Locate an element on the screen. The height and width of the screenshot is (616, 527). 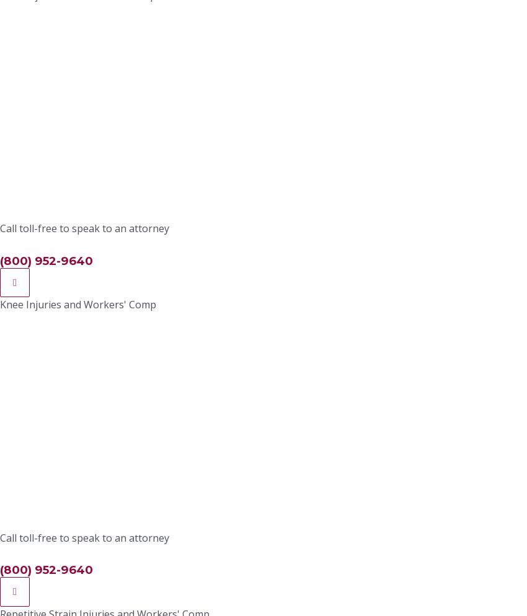
'Give us a call at' is located at coordinates (61, 30).